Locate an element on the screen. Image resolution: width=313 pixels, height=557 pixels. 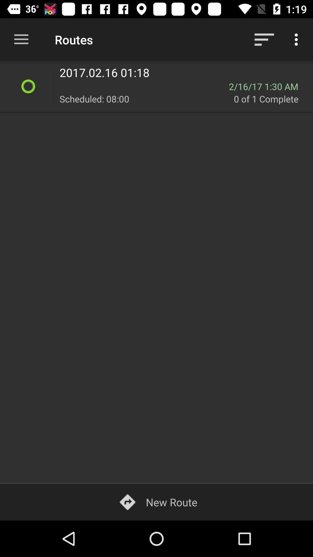
the item to the left of routes item is located at coordinates (21, 39).